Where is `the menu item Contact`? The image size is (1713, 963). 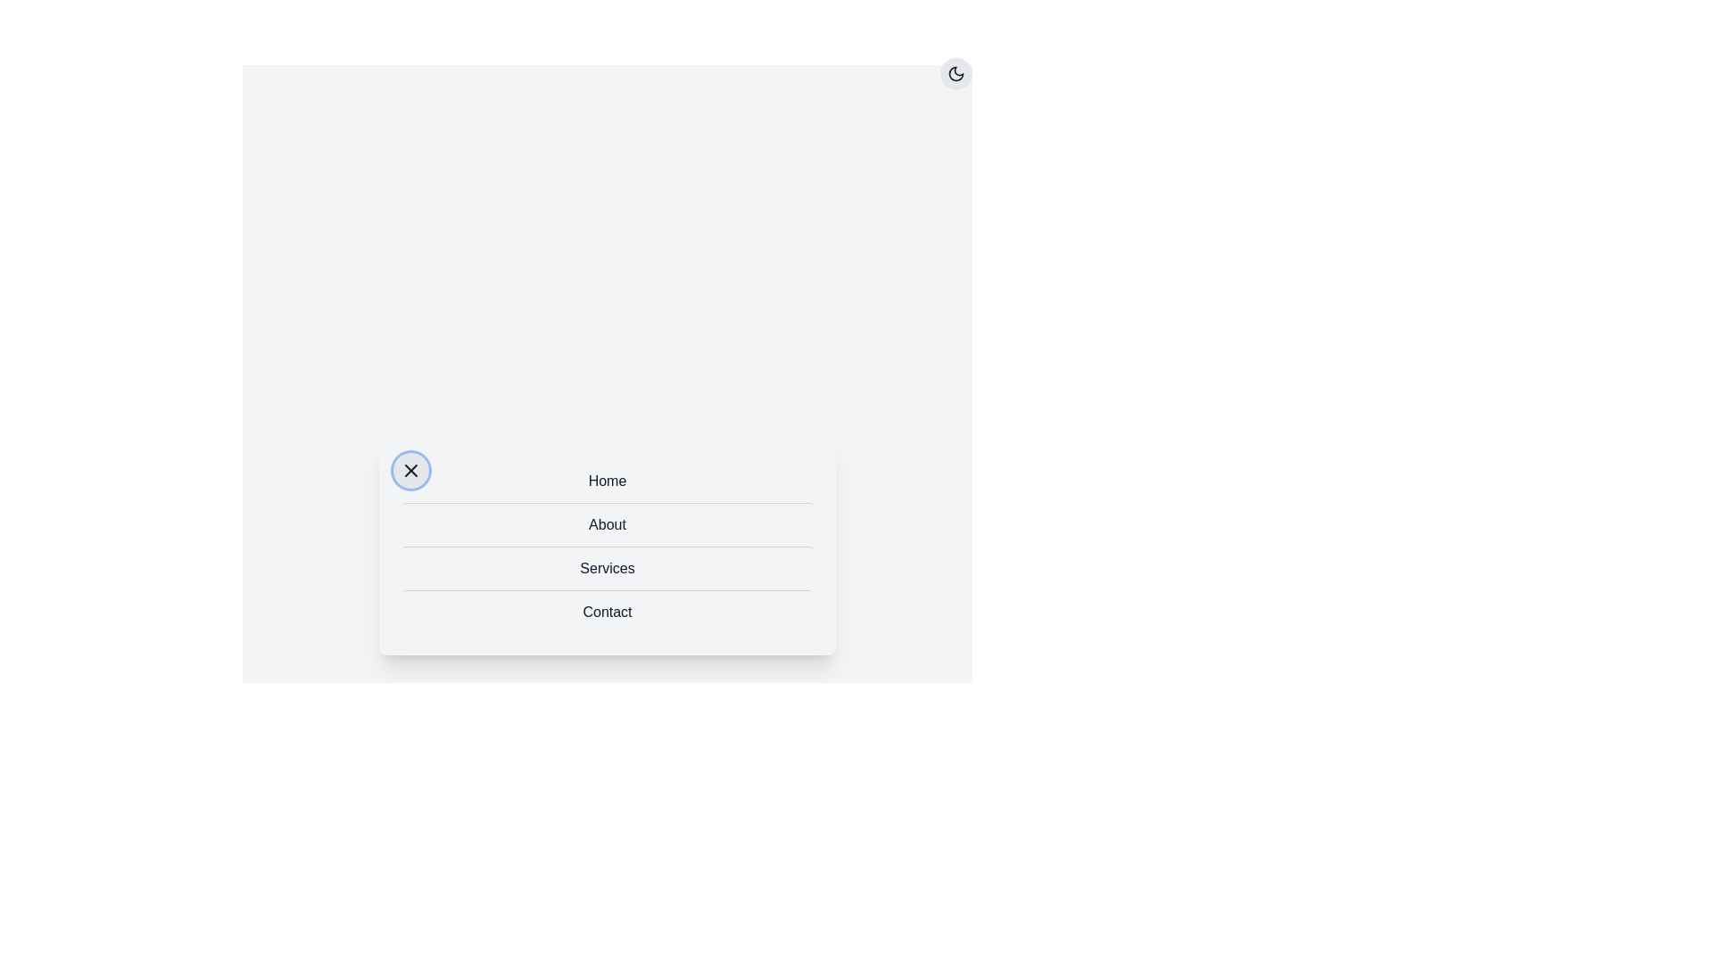
the menu item Contact is located at coordinates (608, 611).